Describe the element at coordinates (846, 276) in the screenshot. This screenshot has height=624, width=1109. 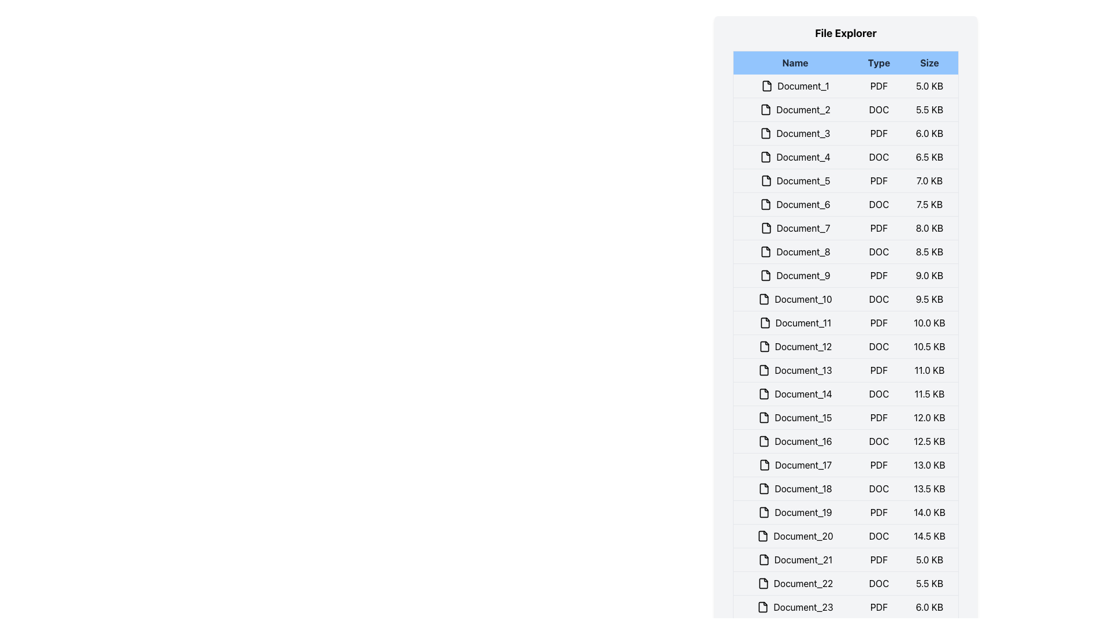
I see `the table row representing the document entry named 'Document_9'` at that location.